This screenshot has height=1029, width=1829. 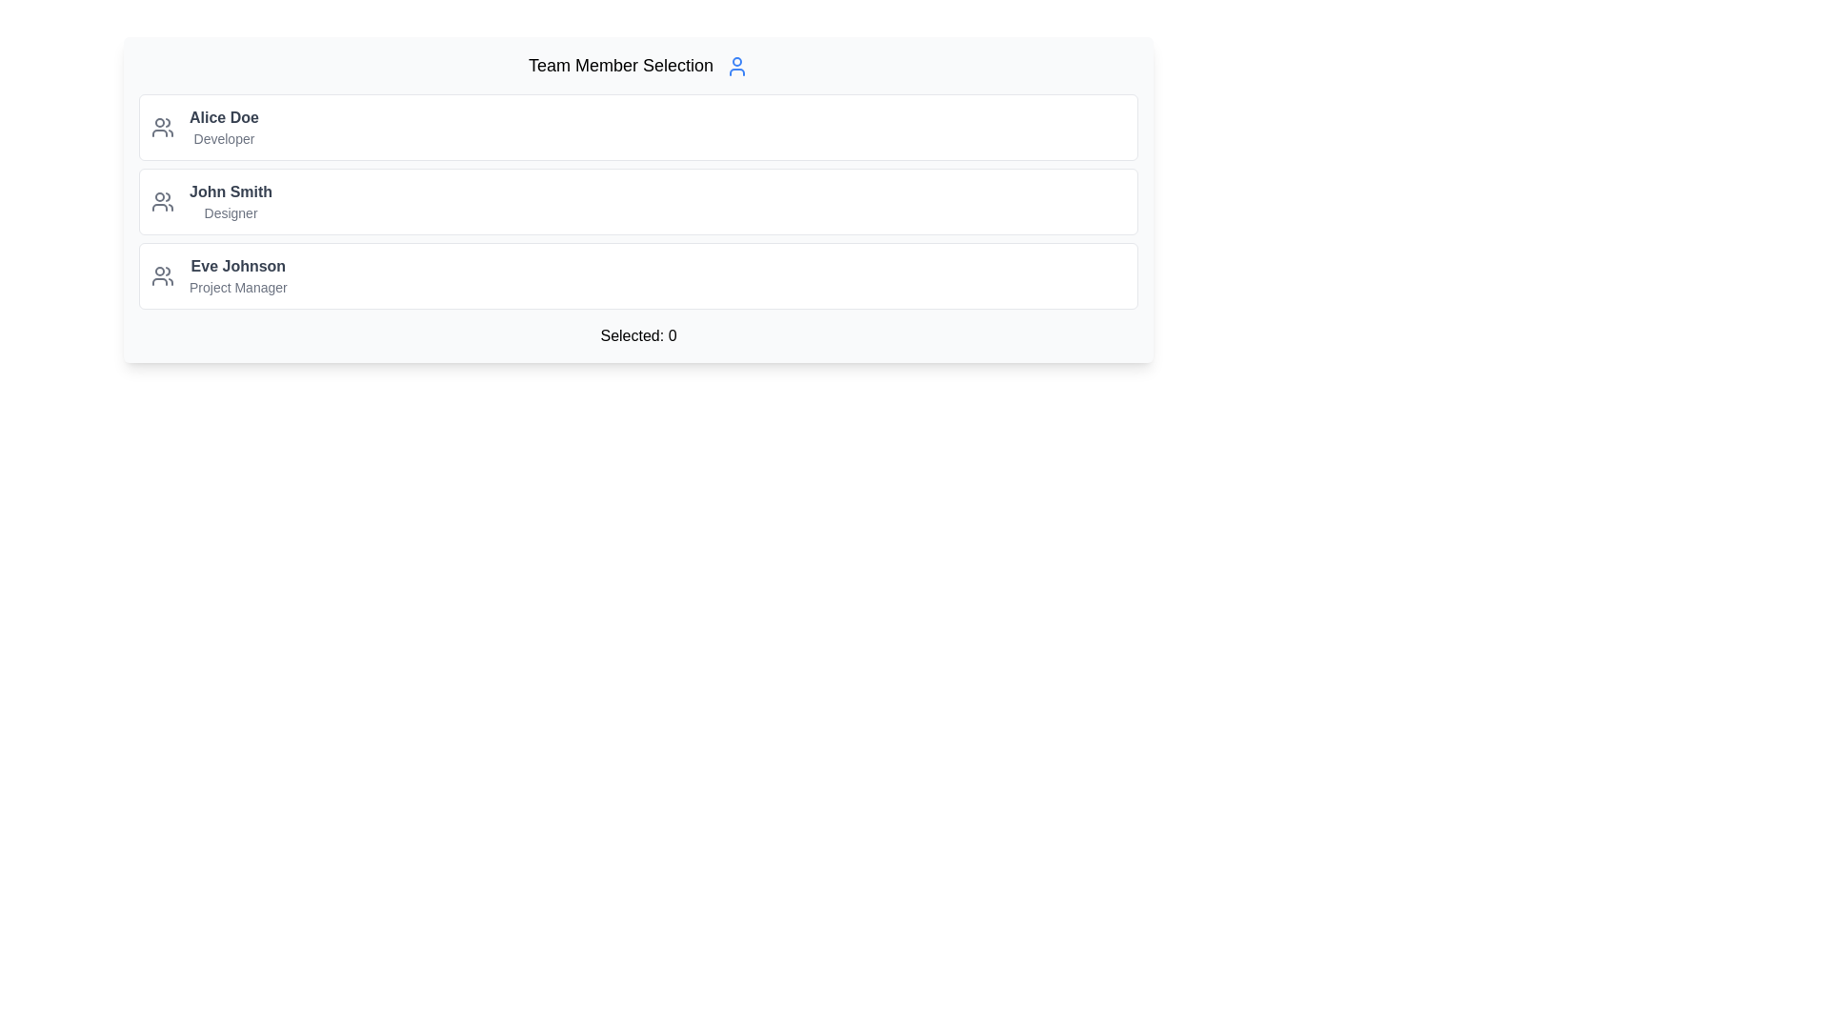 What do you see at coordinates (638, 335) in the screenshot?
I see `the text label displaying 'Selected: 0', which is centered at the bottom of the 'Team Member Selection' card` at bounding box center [638, 335].